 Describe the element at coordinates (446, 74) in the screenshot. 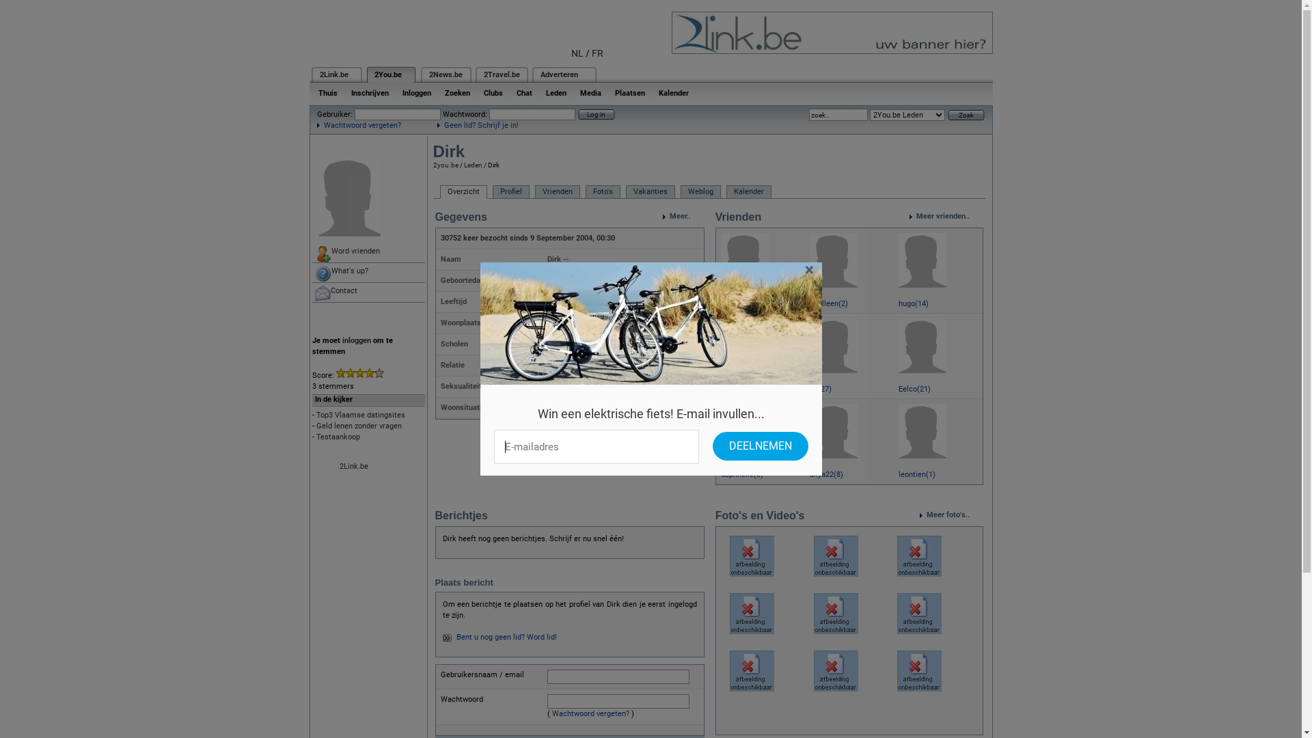

I see `'2News.be'` at that location.